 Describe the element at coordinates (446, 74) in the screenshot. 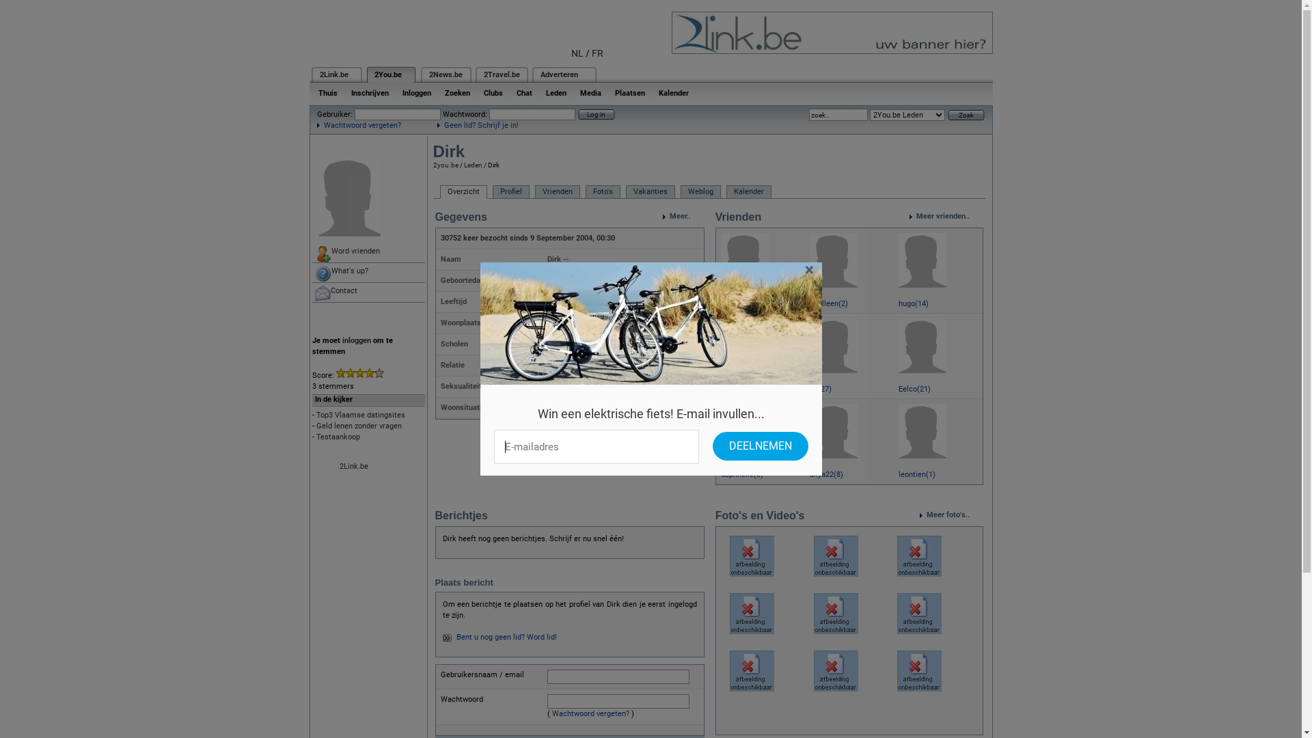

I see `'2News.be'` at that location.